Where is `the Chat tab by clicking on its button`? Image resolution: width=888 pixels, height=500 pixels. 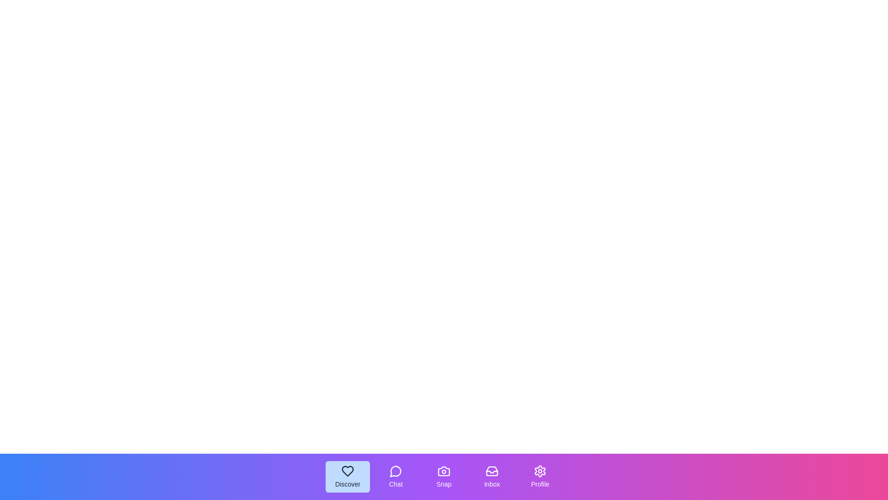 the Chat tab by clicking on its button is located at coordinates (395, 476).